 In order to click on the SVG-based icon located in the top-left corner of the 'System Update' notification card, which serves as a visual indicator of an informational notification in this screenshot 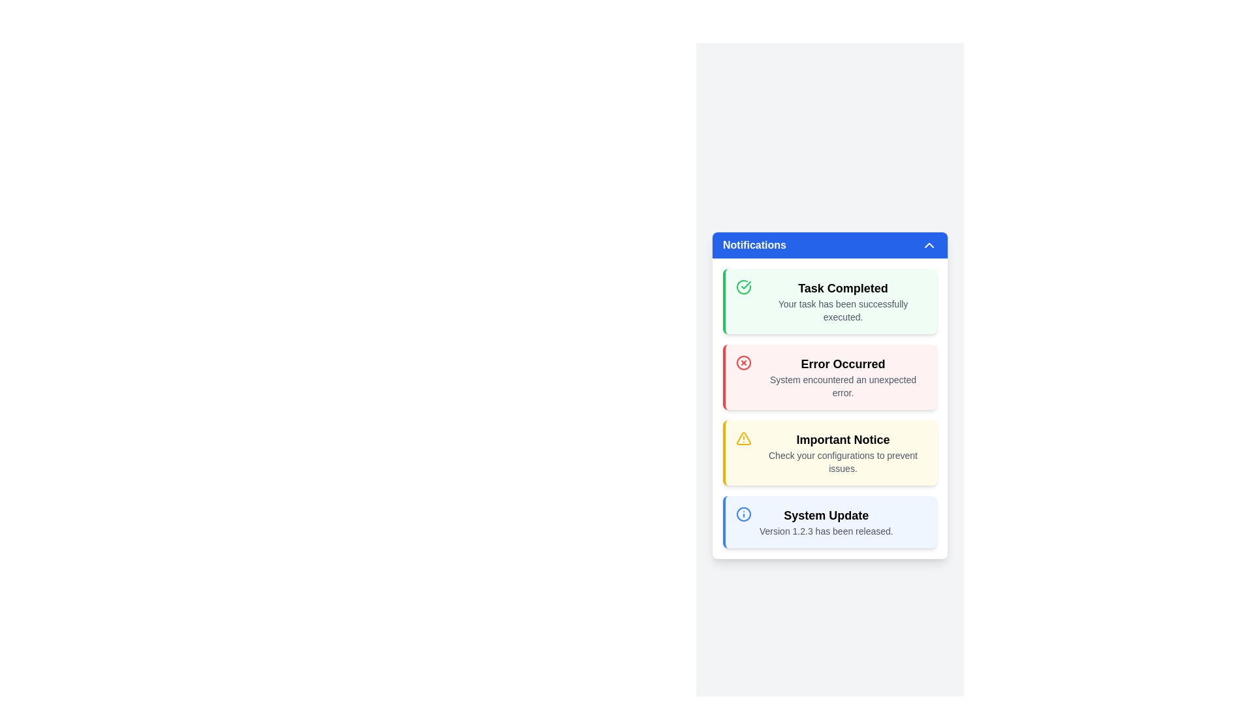, I will do `click(743, 513)`.